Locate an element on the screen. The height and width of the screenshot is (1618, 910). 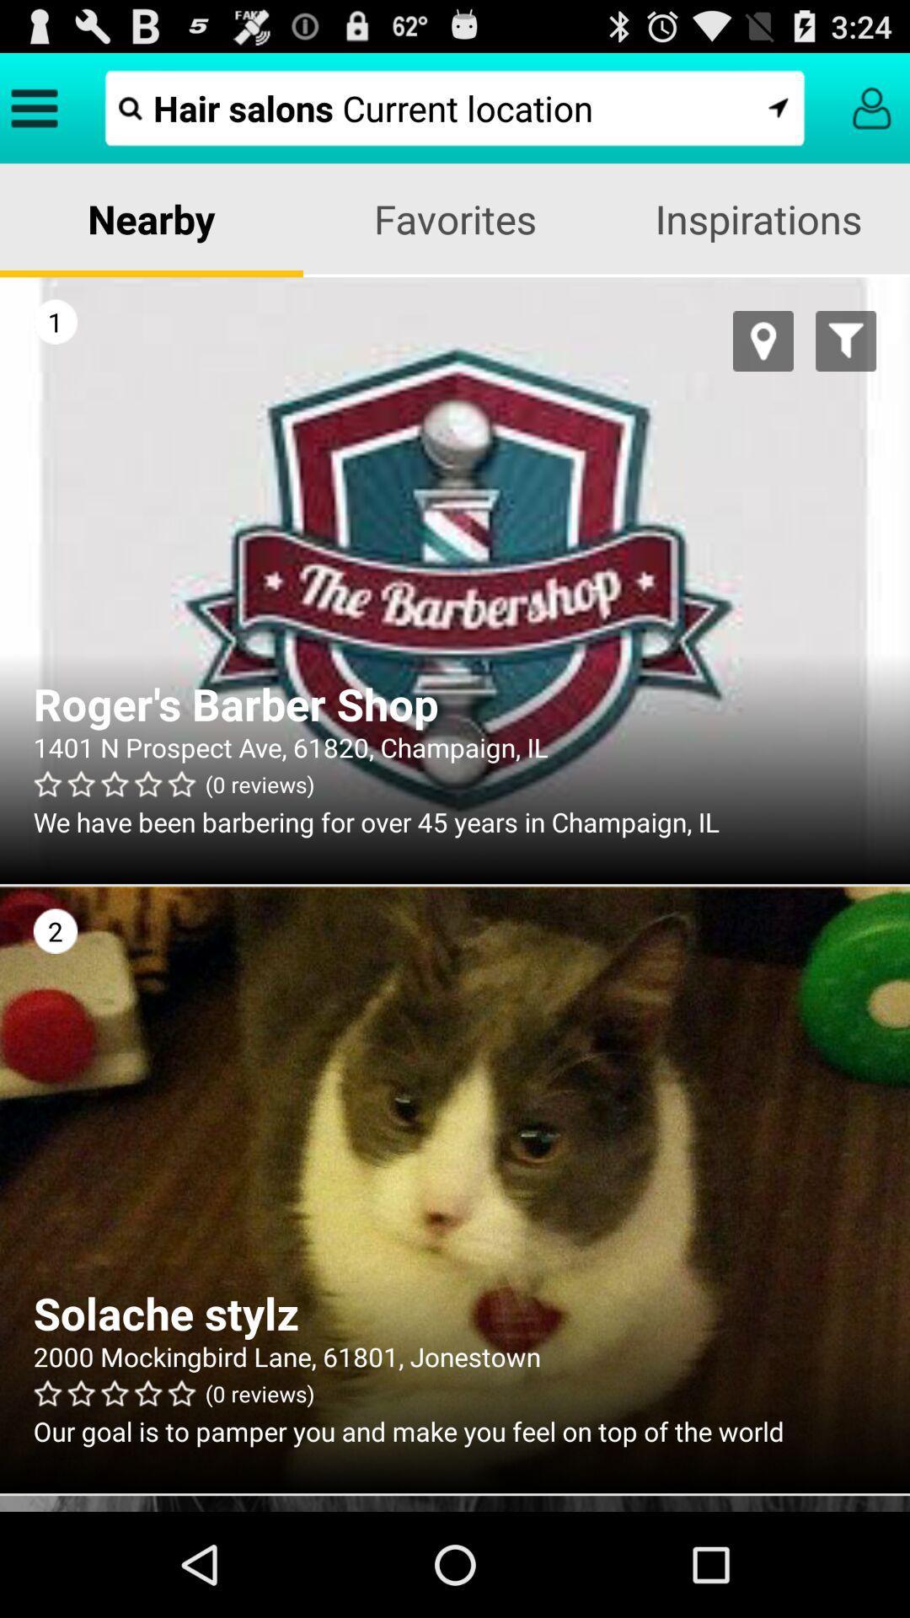
icon to the left of favorites is located at coordinates (152, 217).